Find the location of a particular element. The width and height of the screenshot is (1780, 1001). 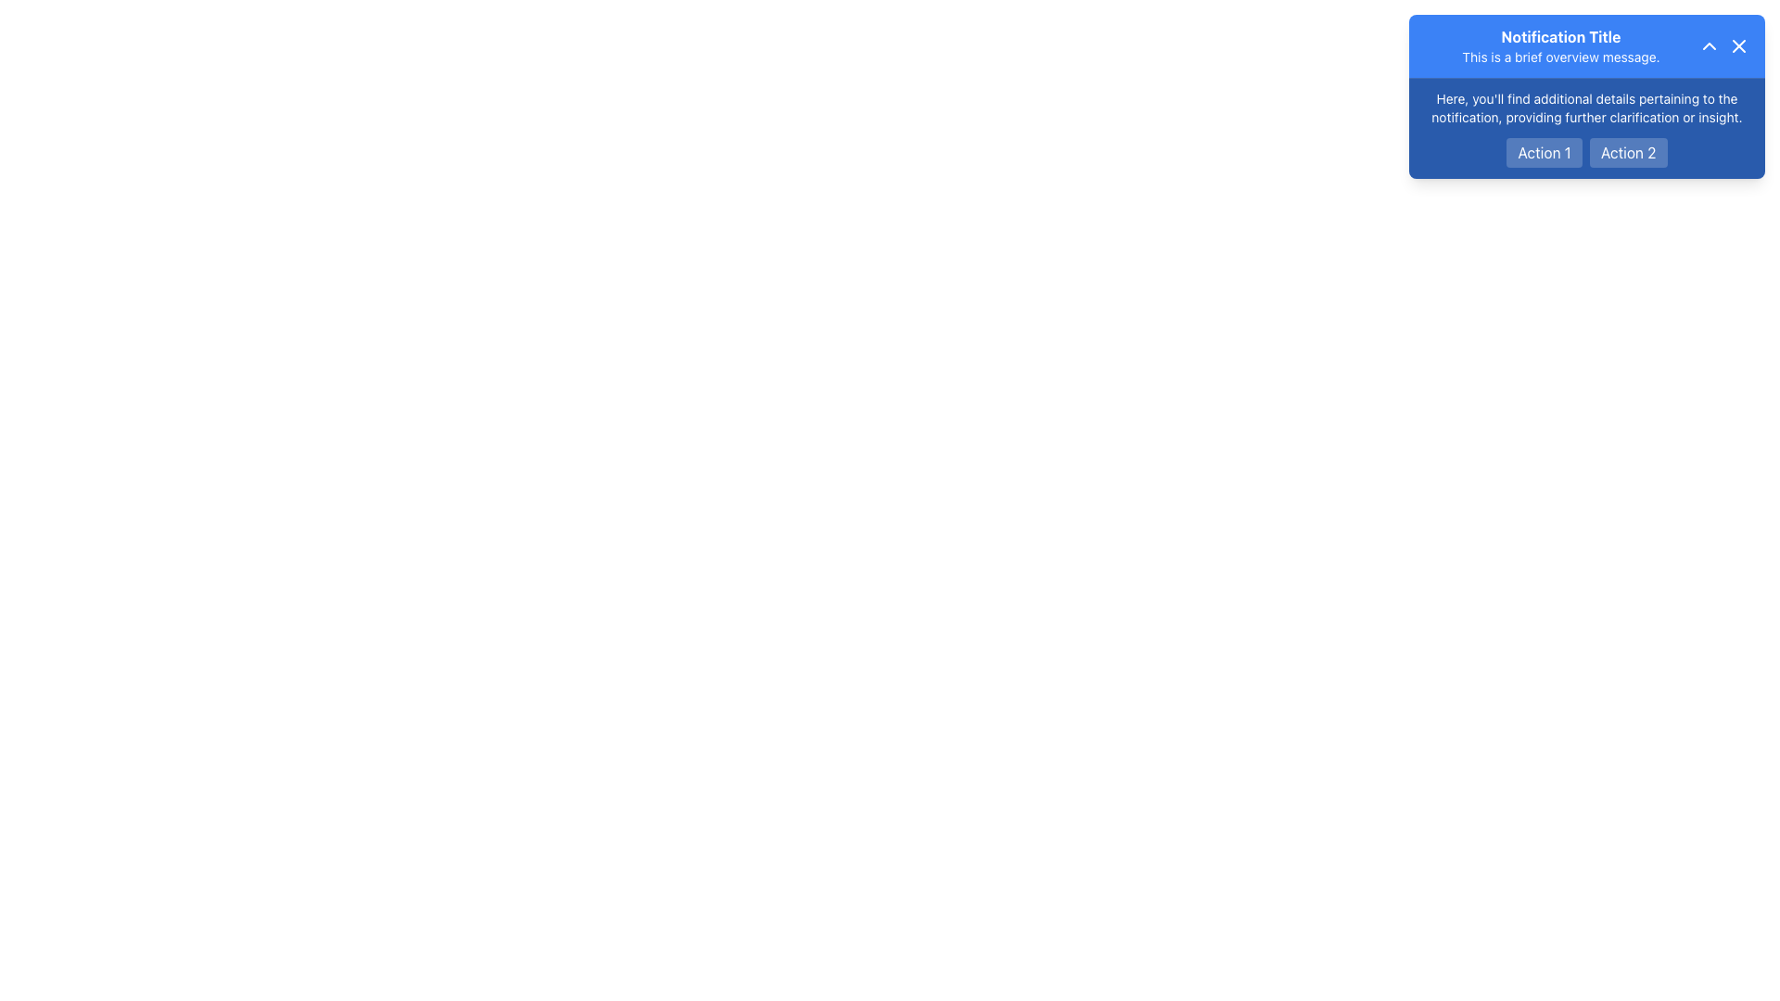

text of the Informational header located at the top of the notification card in the upper right corner of the interface is located at coordinates (1586, 45).